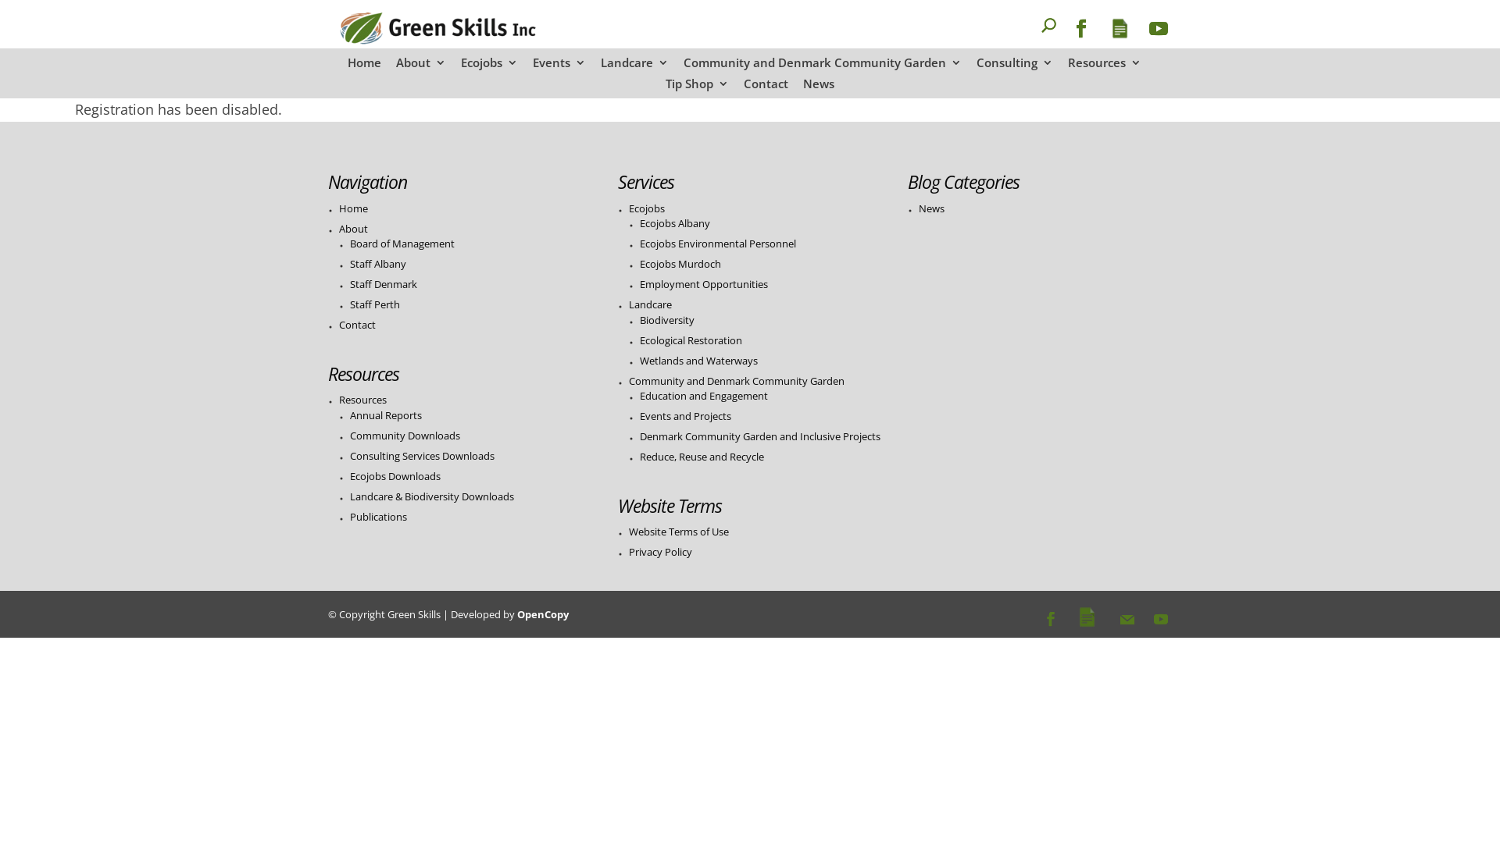 This screenshot has width=1500, height=843. What do you see at coordinates (716, 244) in the screenshot?
I see `'Ecojobs Environmental Personnel'` at bounding box center [716, 244].